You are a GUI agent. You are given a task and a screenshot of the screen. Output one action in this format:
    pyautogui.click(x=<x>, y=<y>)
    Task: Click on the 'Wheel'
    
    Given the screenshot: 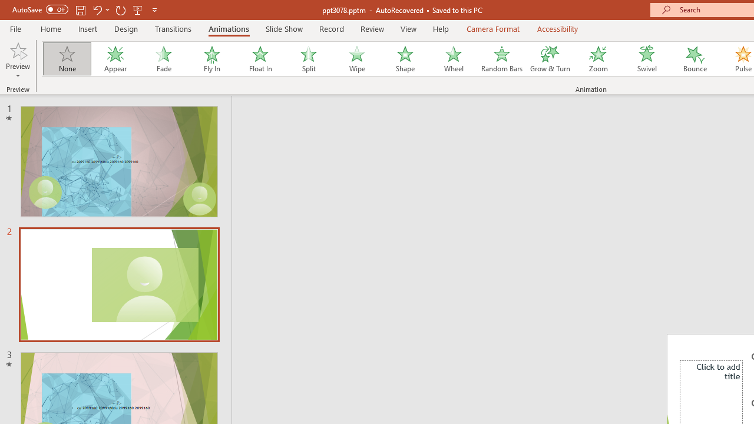 What is the action you would take?
    pyautogui.click(x=453, y=59)
    